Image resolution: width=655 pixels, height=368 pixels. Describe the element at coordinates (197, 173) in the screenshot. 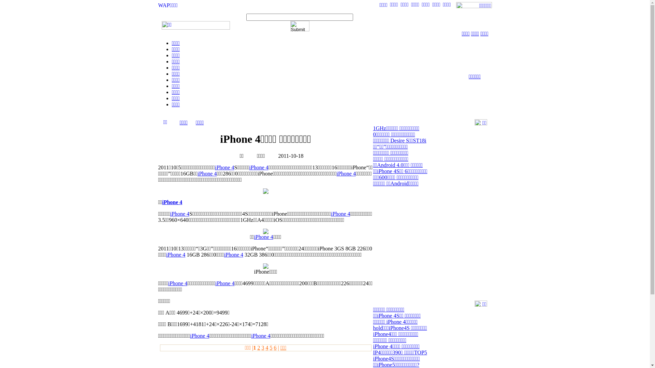

I see `'iPhone 4'` at that location.